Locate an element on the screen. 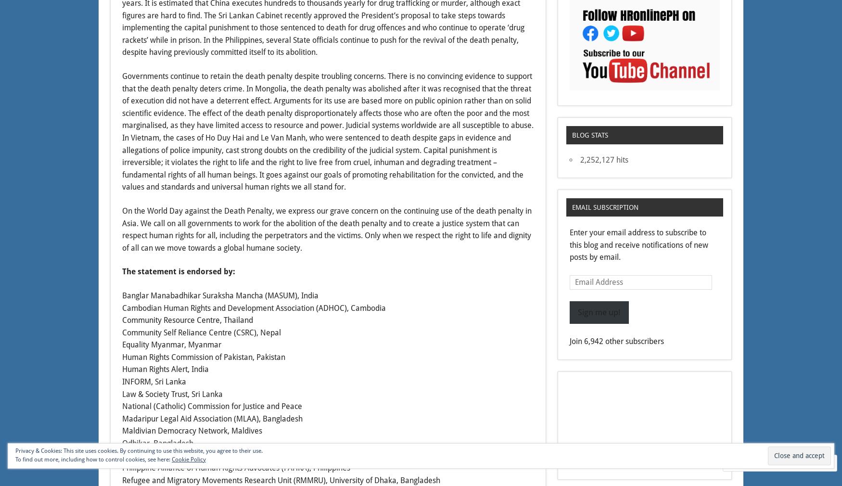 The width and height of the screenshot is (842, 486). 'Privacy & Cookies: This site uses cookies. By continuing to use this website, you agree to their use.' is located at coordinates (138, 450).